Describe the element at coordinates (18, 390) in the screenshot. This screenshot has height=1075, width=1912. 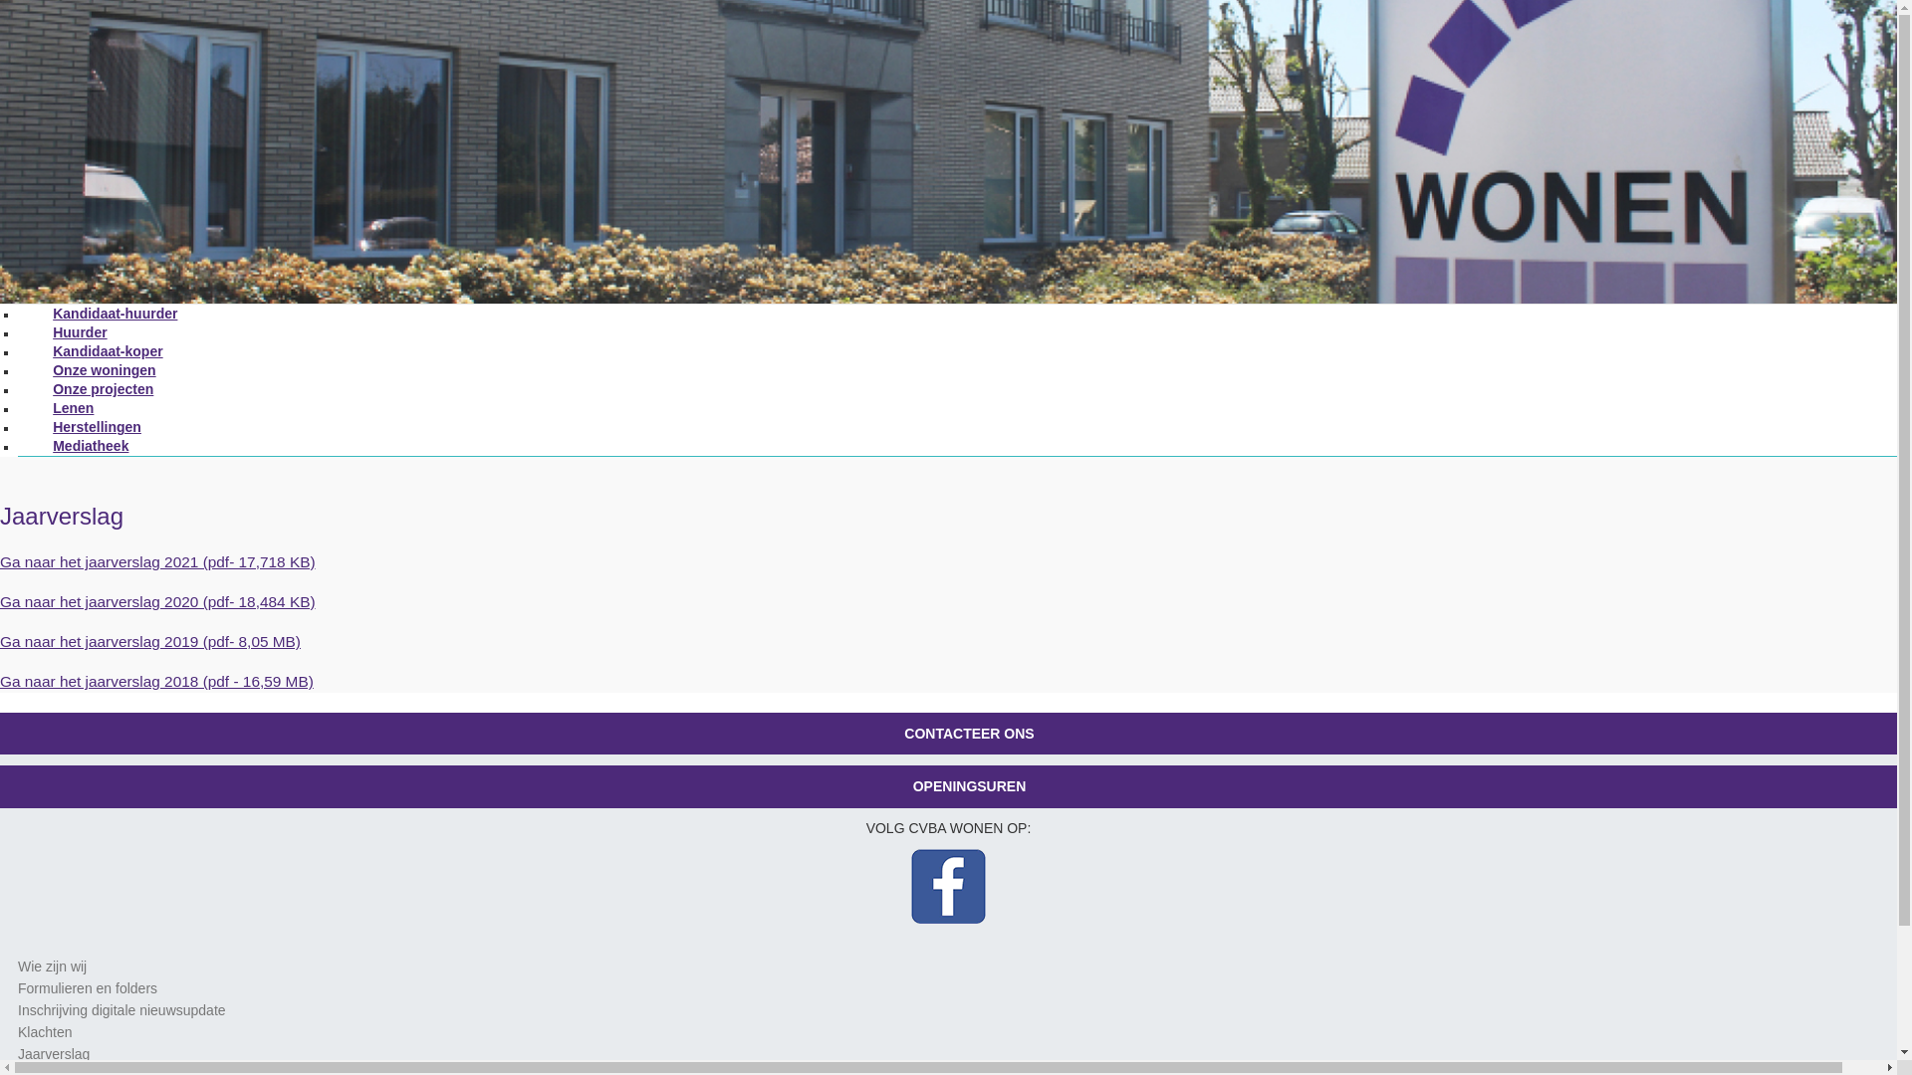
I see `'Onze projecten'` at that location.